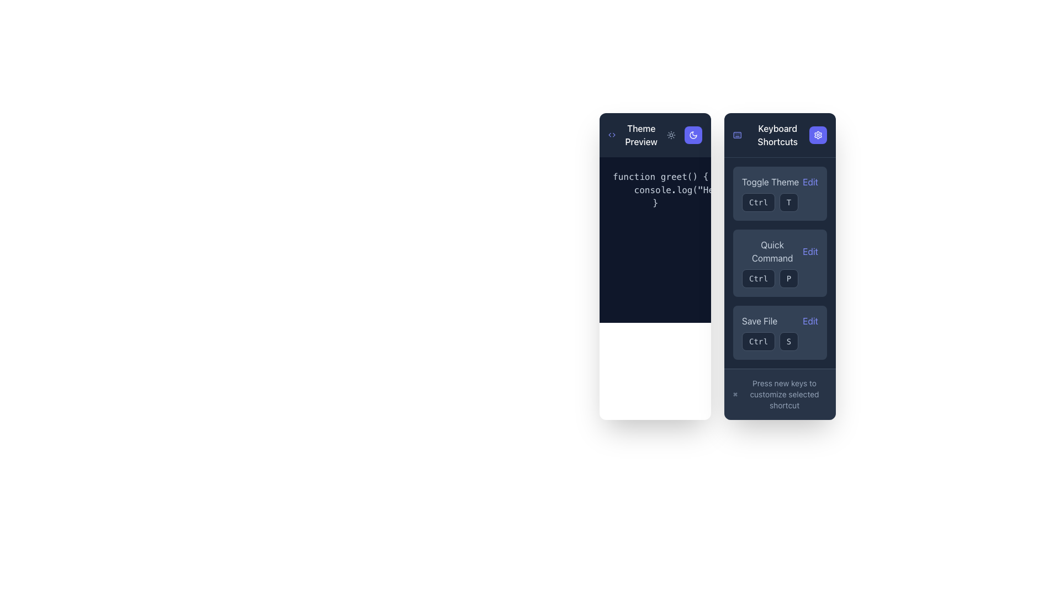 The image size is (1060, 596). Describe the element at coordinates (770, 135) in the screenshot. I see `the Label with Icon indicating keyboard shortcuts, located at the top of the right-side panel, adjacent to the settings button` at that location.